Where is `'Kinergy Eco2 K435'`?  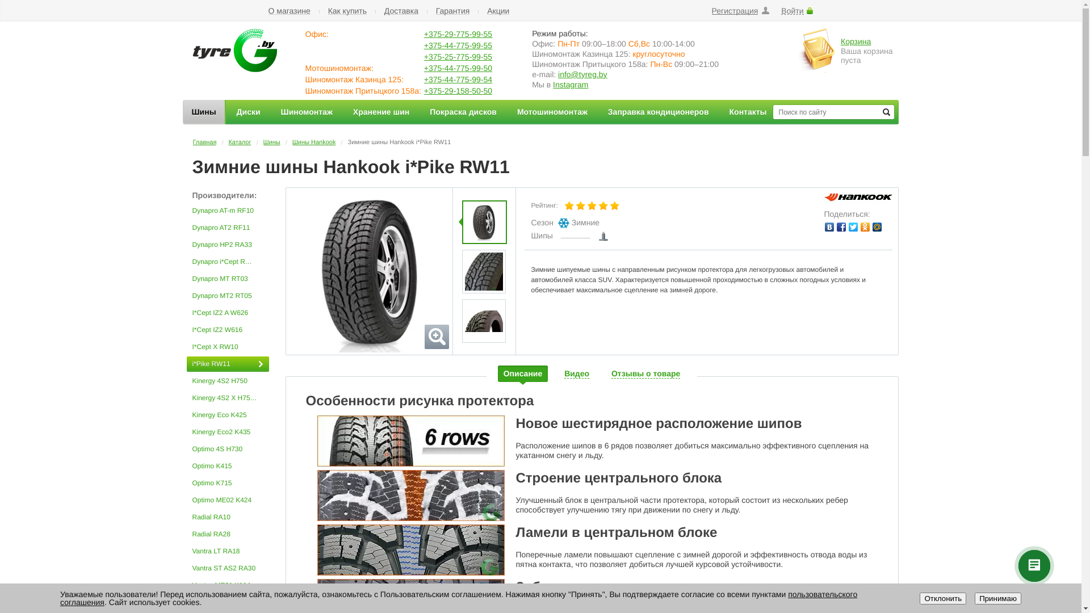
'Kinergy Eco2 K435' is located at coordinates (186, 432).